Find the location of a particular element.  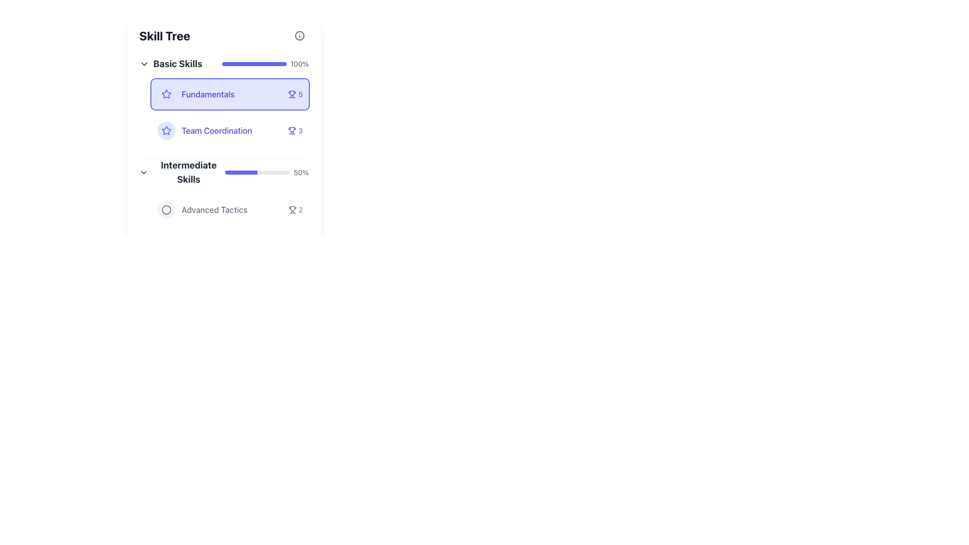

the status of the achievement icon representing the 'Team Coordination' skill, located to the right of the skill name and to the left of the numeric value '3' is located at coordinates (292, 130).